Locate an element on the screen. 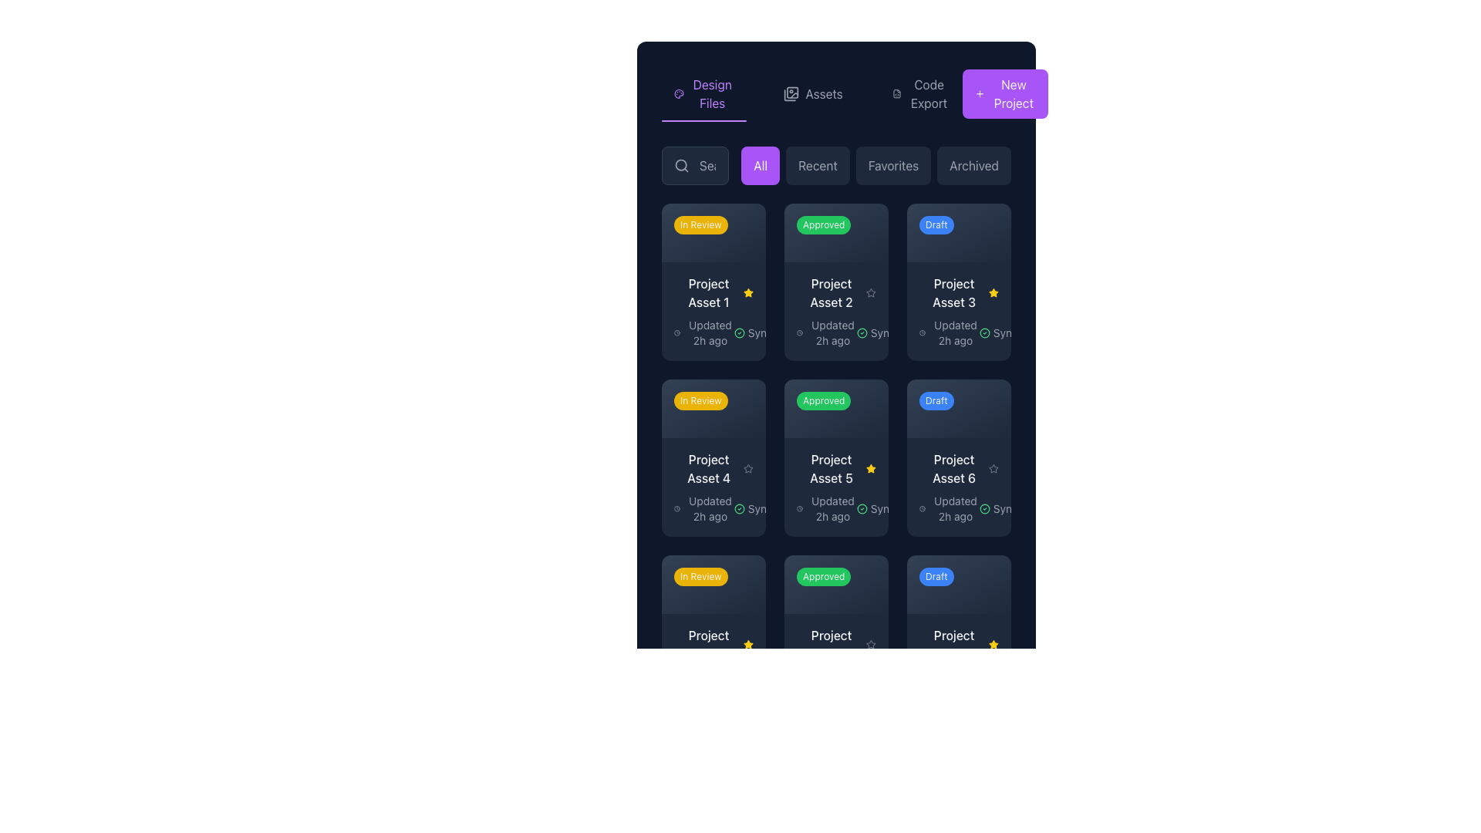  the time icon that visually indicates time, located to the left of the 'Updated 2h ago' text within the card element in the grid view is located at coordinates (677, 332).